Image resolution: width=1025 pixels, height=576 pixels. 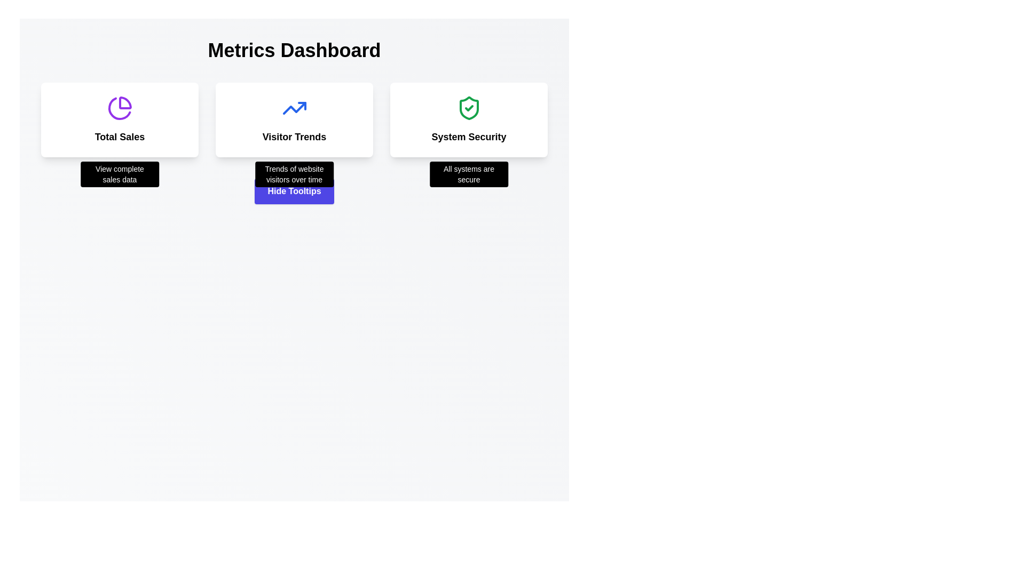 What do you see at coordinates (294, 51) in the screenshot?
I see `Text Header that conveys the title of the page or section, located at the top of the interface` at bounding box center [294, 51].